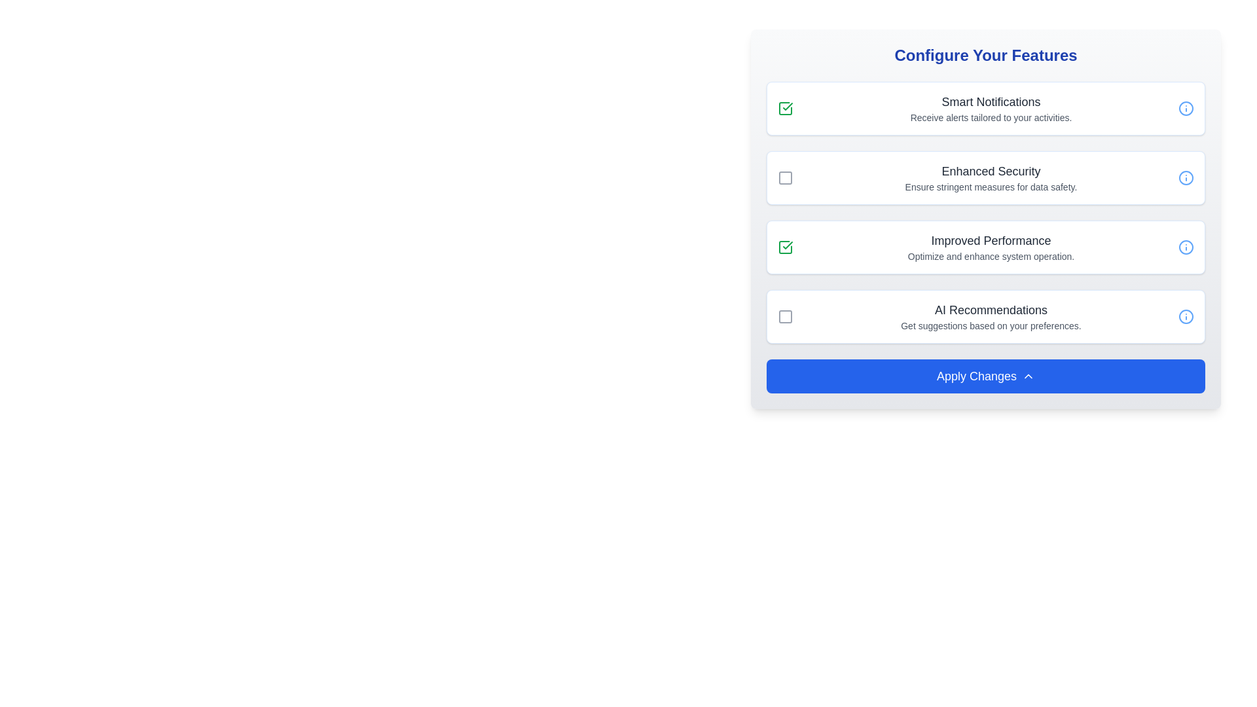 Image resolution: width=1257 pixels, height=707 pixels. Describe the element at coordinates (786, 316) in the screenshot. I see `the checkbox for 'AI Recommendations'` at that location.